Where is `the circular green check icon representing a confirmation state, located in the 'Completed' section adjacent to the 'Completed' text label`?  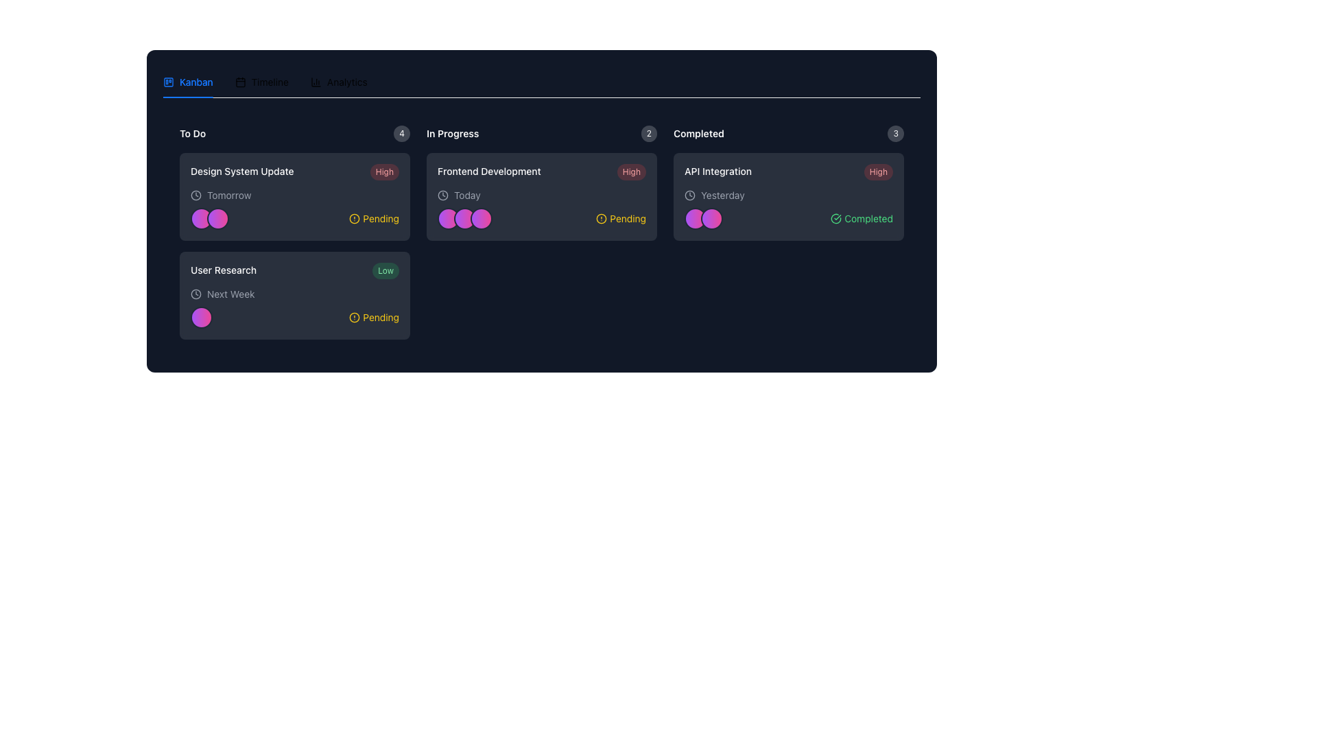
the circular green check icon representing a confirmation state, located in the 'Completed' section adjacent to the 'Completed' text label is located at coordinates (835, 218).